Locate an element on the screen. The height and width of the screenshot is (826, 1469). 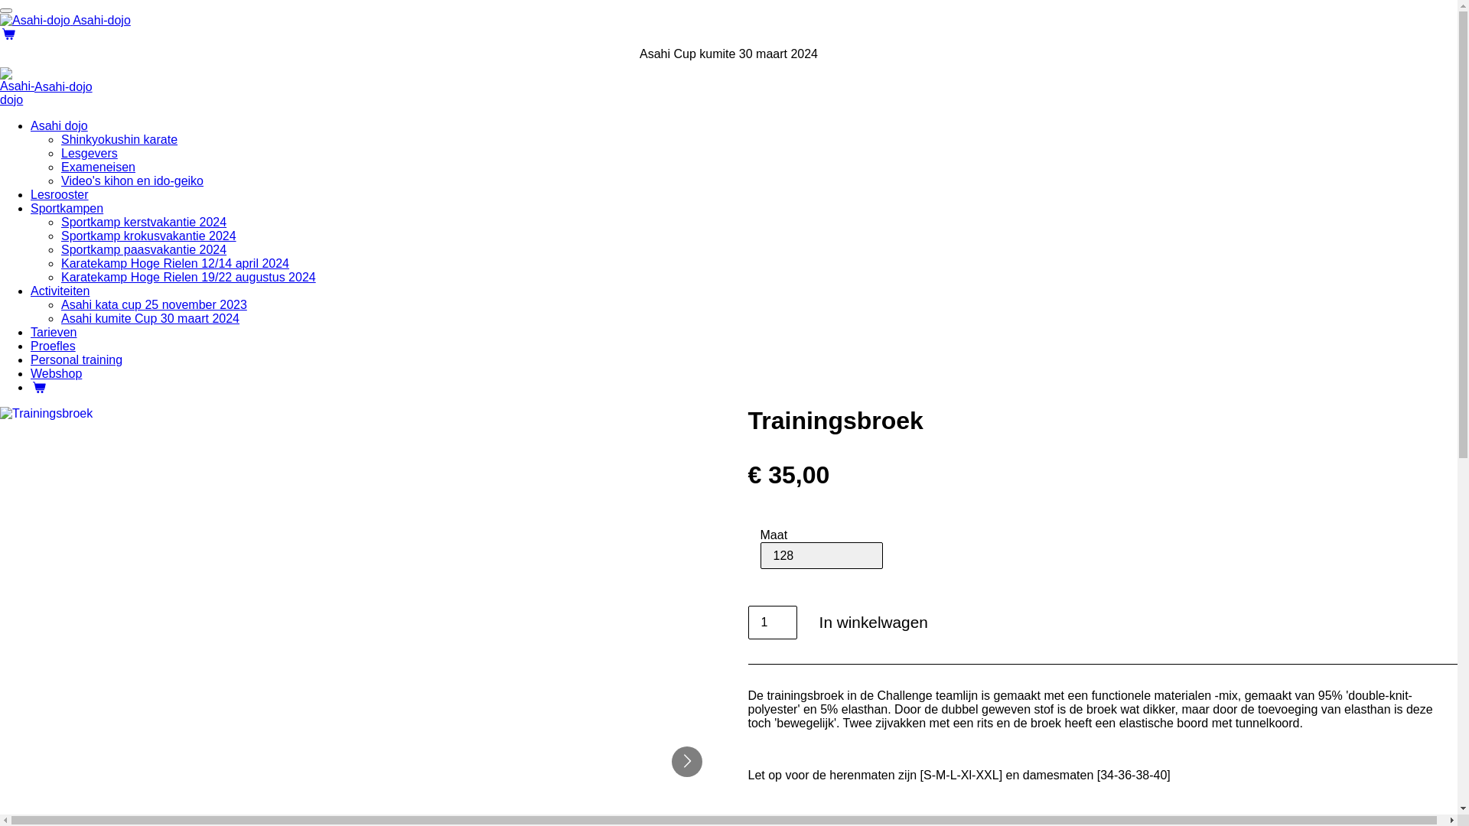
'Tarieven' is located at coordinates (54, 331).